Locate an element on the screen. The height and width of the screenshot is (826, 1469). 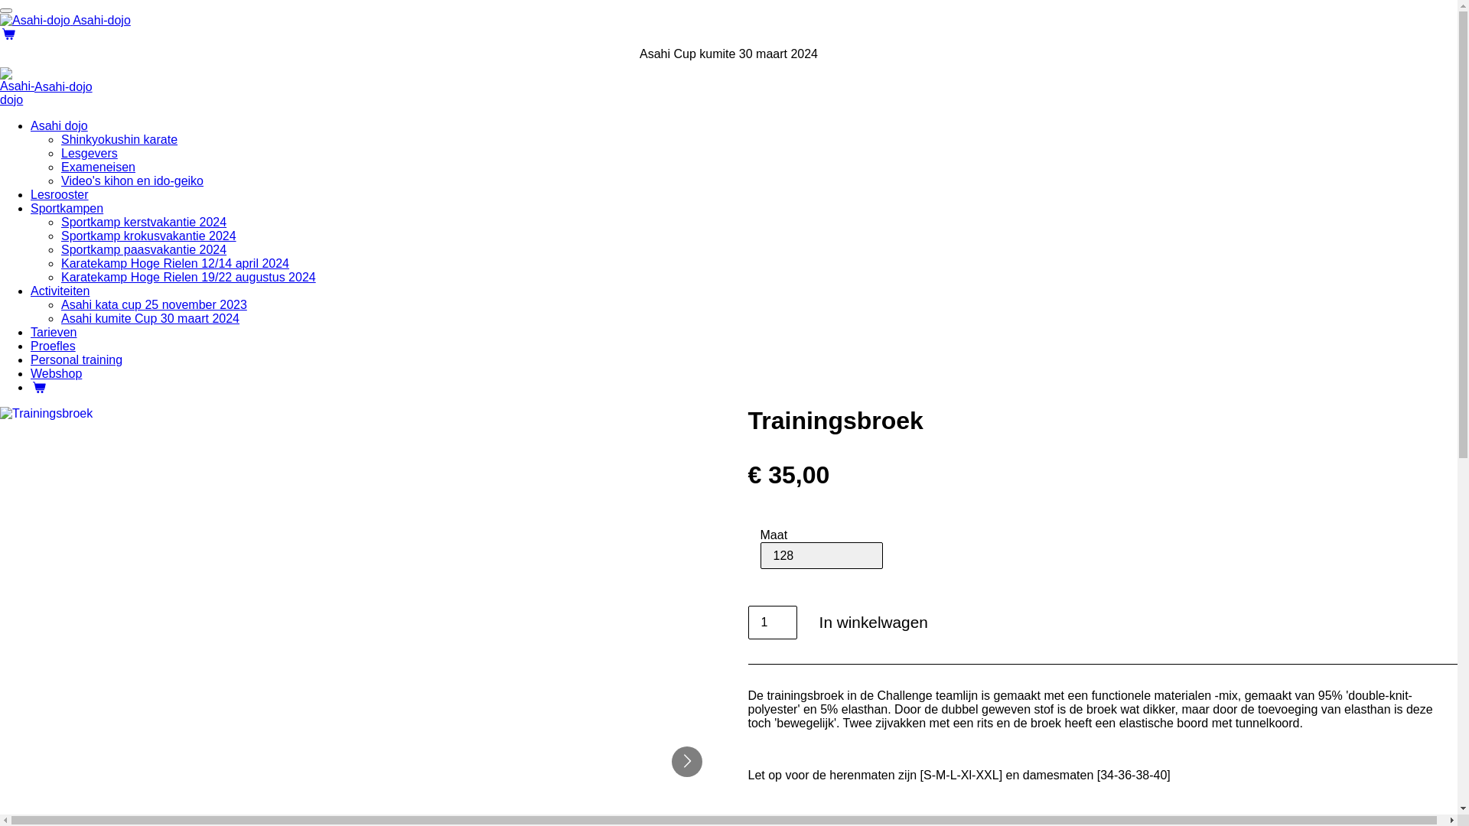
'Tarieven' is located at coordinates (54, 331).